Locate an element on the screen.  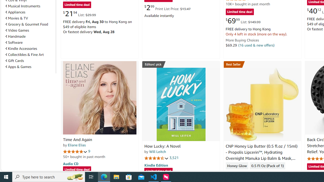
'Movies & TV' is located at coordinates (29, 18).